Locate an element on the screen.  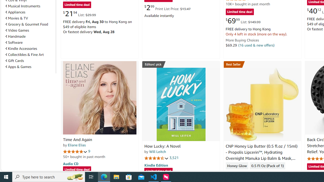
'Movies & TV' is located at coordinates (29, 18).